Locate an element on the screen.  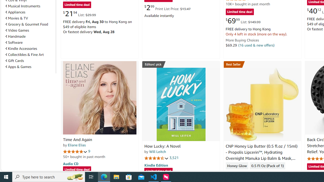
'Movies & TV' is located at coordinates (29, 18).